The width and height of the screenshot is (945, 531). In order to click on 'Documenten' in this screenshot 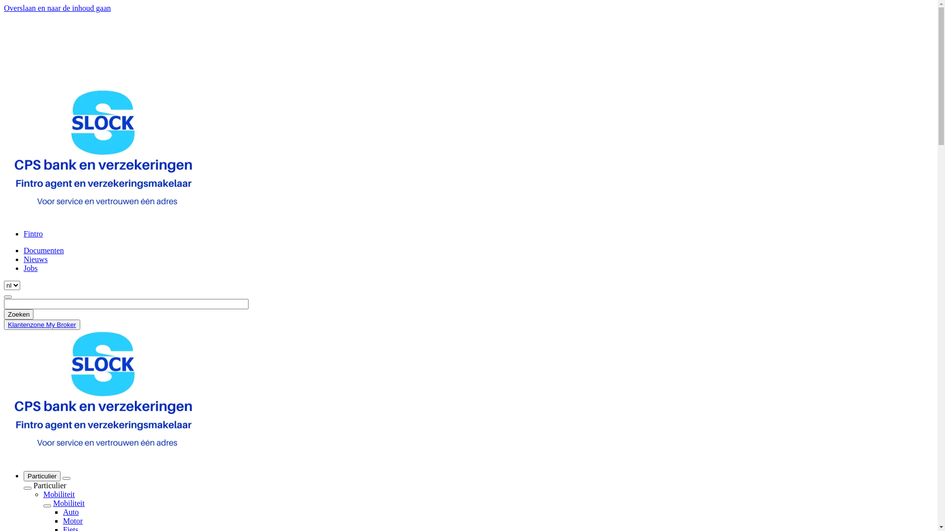, I will do `click(24, 250)`.